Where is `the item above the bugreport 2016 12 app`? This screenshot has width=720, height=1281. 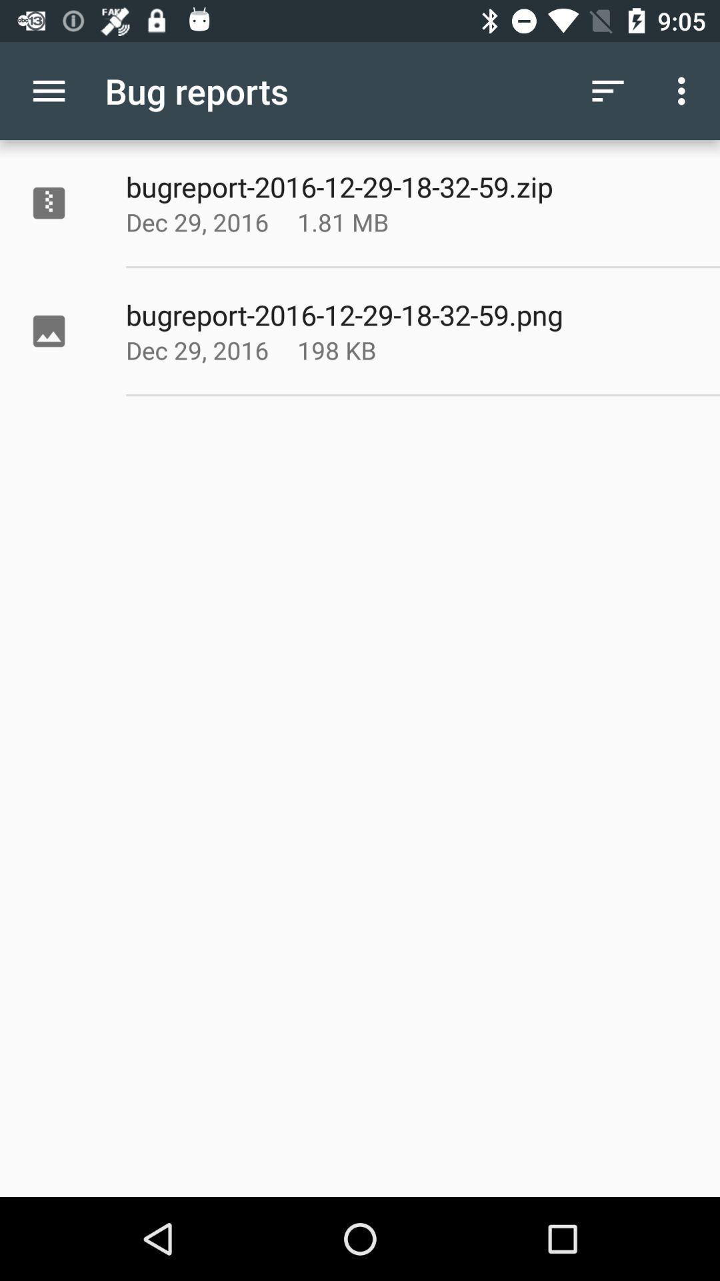 the item above the bugreport 2016 12 app is located at coordinates (376, 222).